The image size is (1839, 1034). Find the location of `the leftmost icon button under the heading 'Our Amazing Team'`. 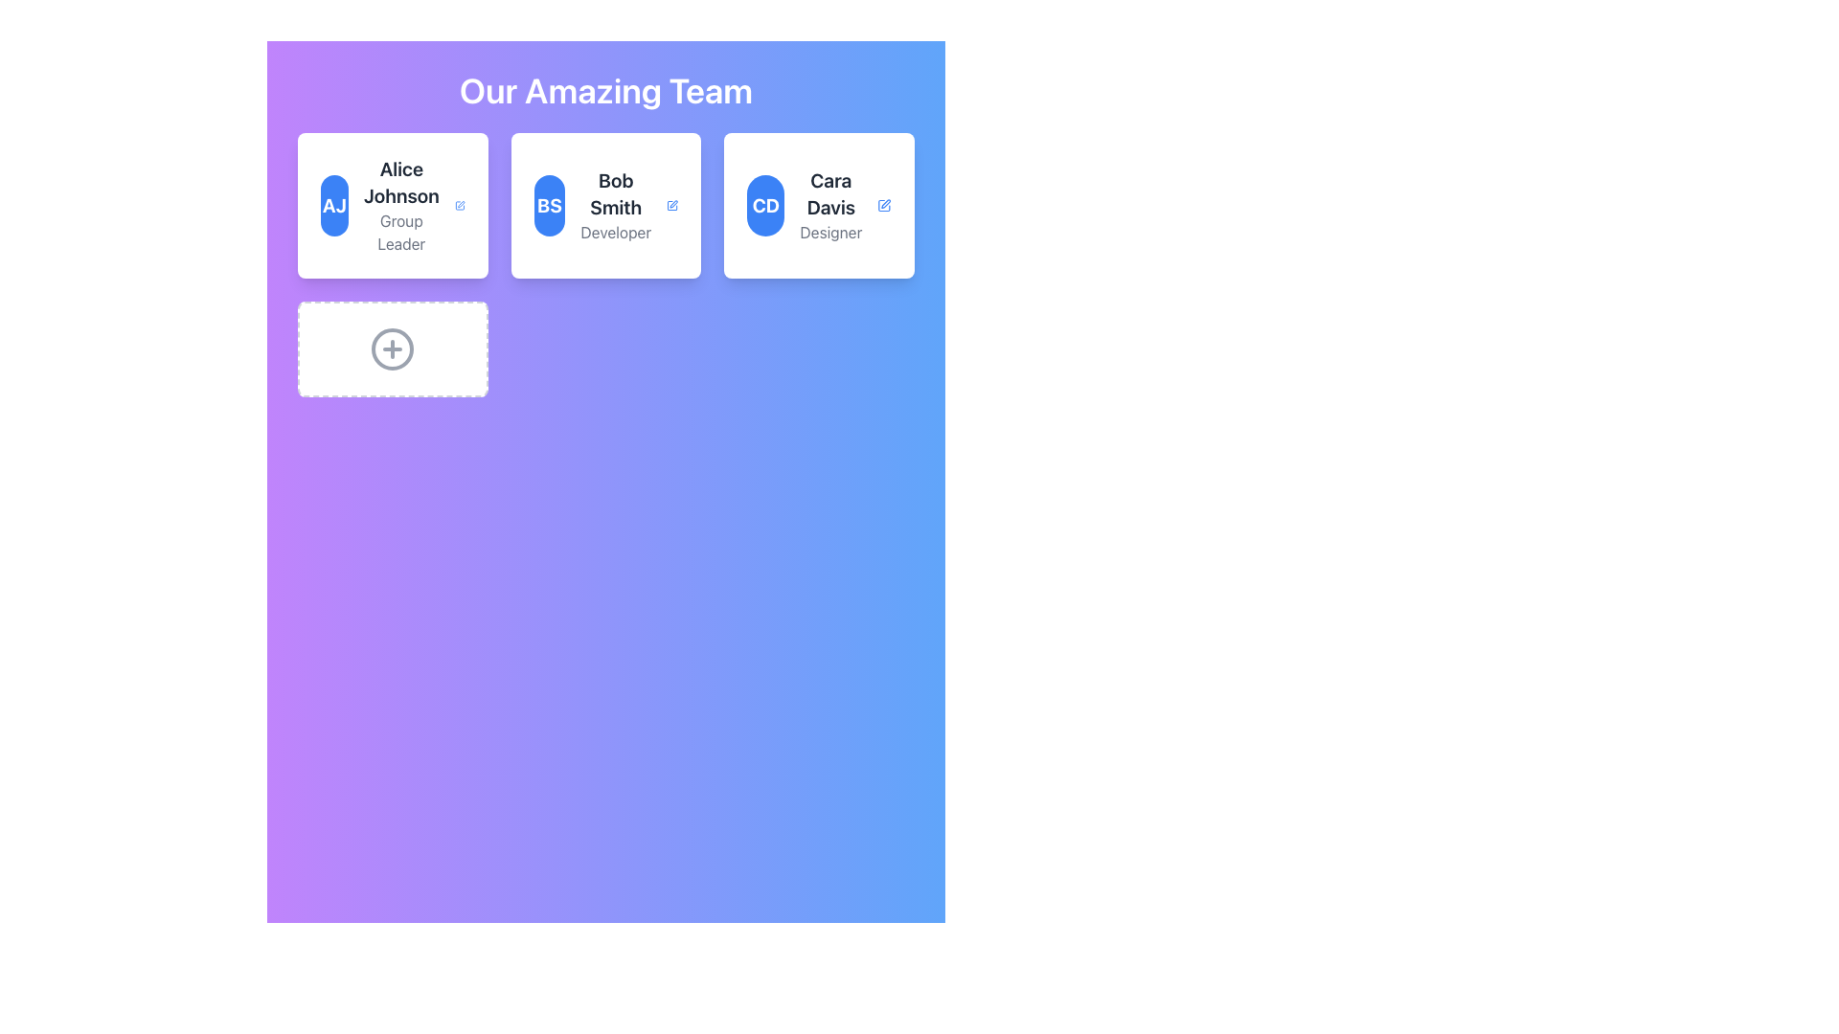

the leftmost icon button under the heading 'Our Amazing Team' is located at coordinates (392, 349).